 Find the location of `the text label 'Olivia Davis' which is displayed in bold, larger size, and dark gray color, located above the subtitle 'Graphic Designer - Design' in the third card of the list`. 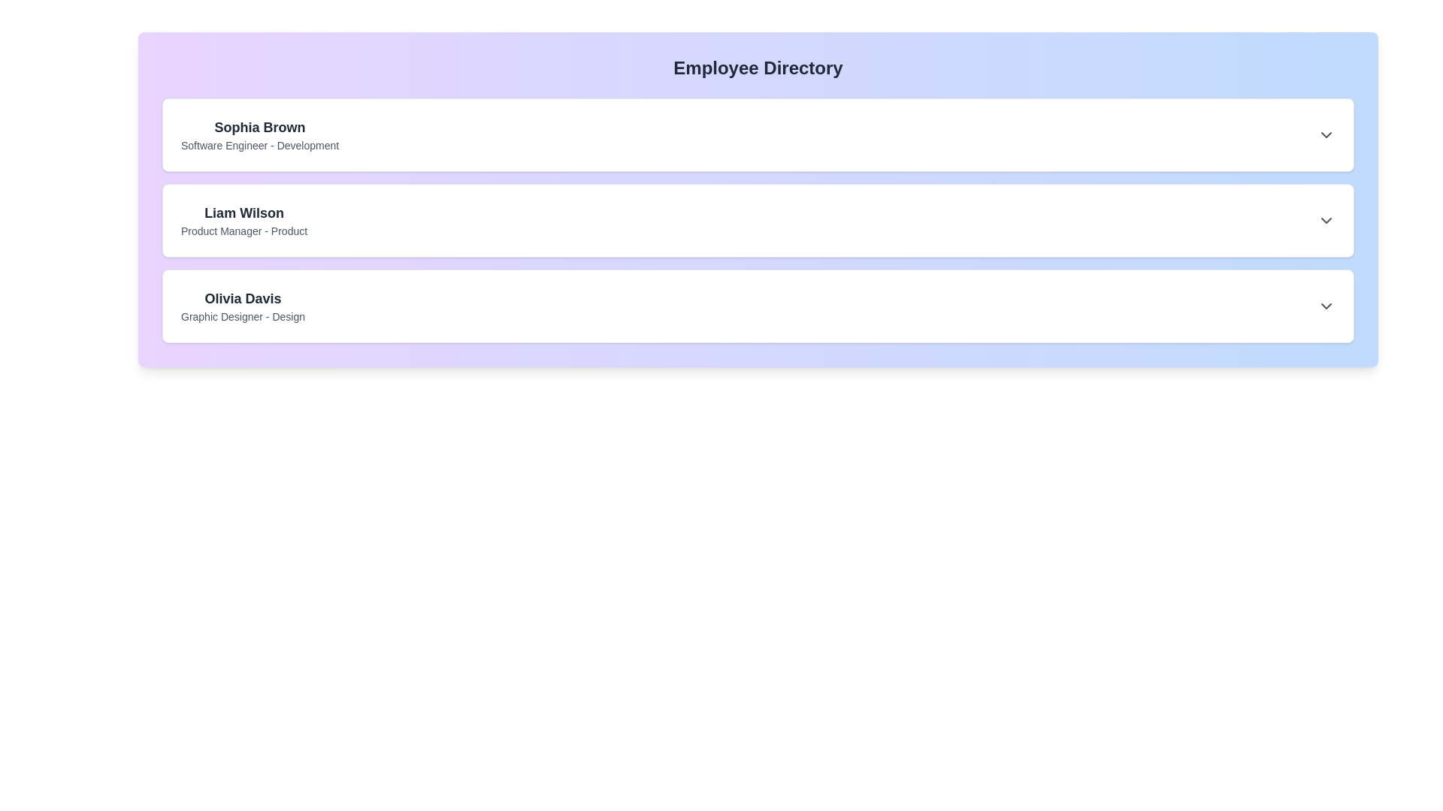

the text label 'Olivia Davis' which is displayed in bold, larger size, and dark gray color, located above the subtitle 'Graphic Designer - Design' in the third card of the list is located at coordinates (243, 298).